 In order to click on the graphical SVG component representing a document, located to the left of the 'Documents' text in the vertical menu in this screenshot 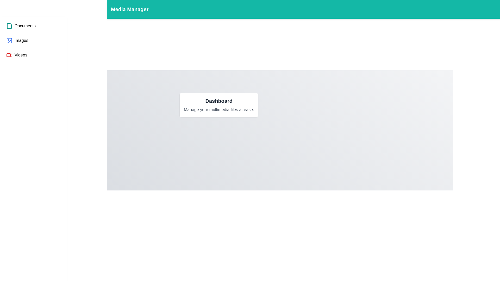, I will do `click(9, 26)`.